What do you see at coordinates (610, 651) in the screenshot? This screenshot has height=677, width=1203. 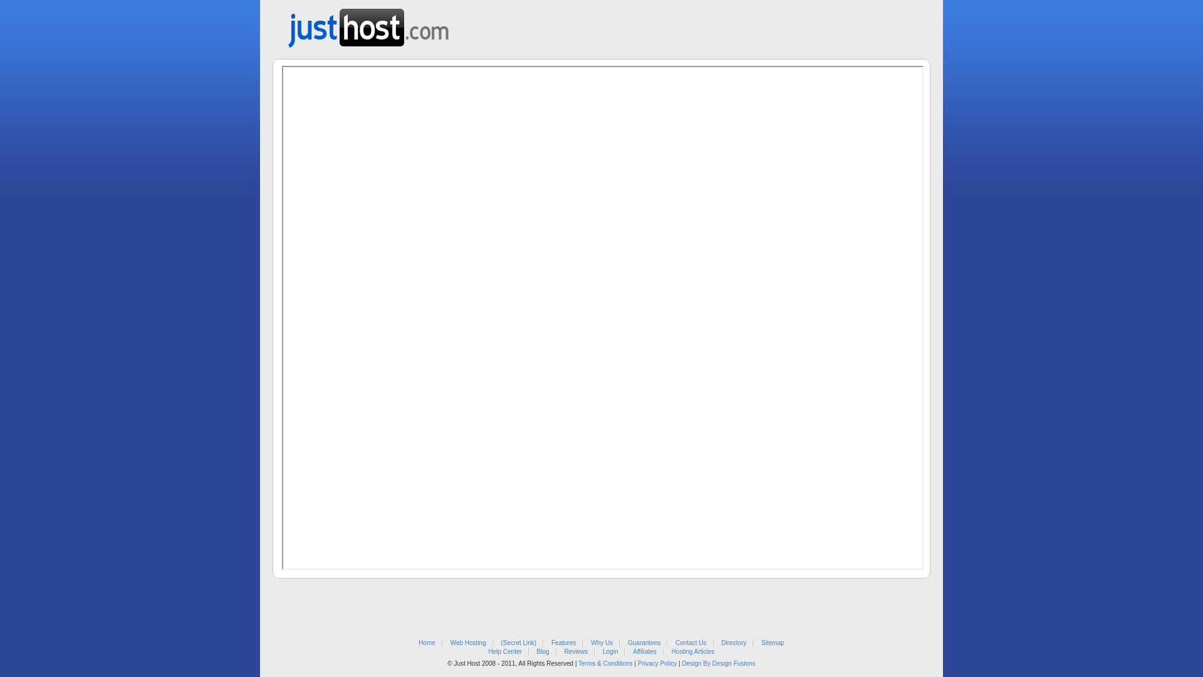 I see `'Login'` at bounding box center [610, 651].